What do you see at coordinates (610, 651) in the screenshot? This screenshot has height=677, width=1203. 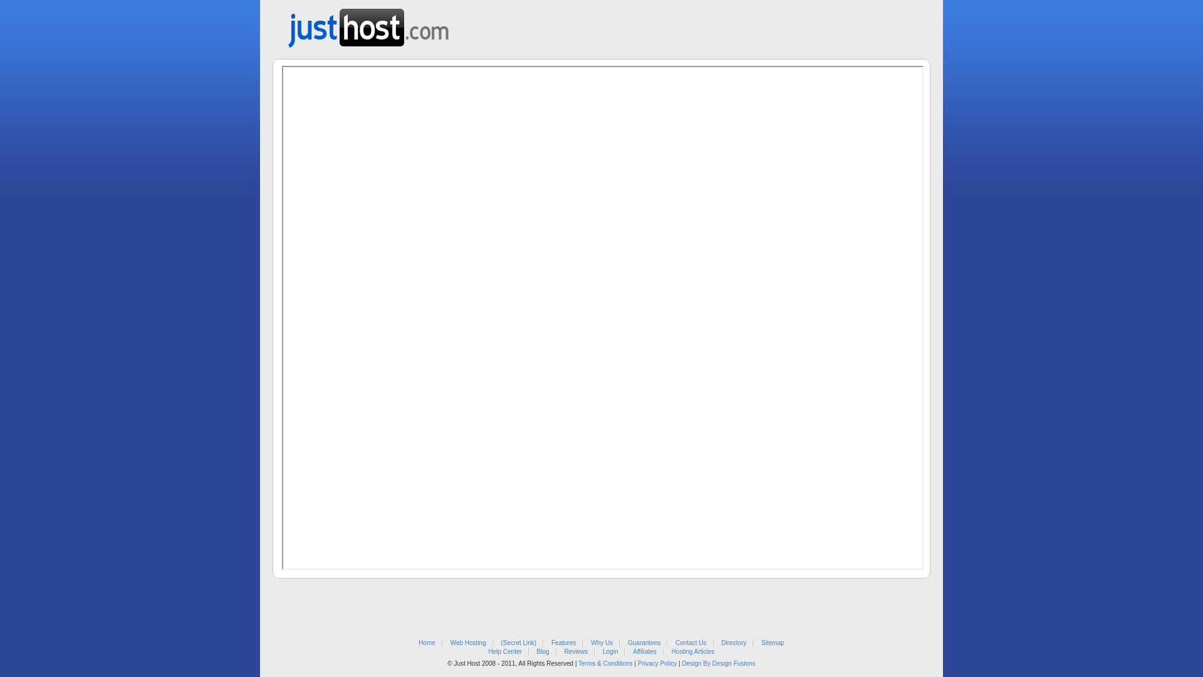 I see `'Login'` at bounding box center [610, 651].